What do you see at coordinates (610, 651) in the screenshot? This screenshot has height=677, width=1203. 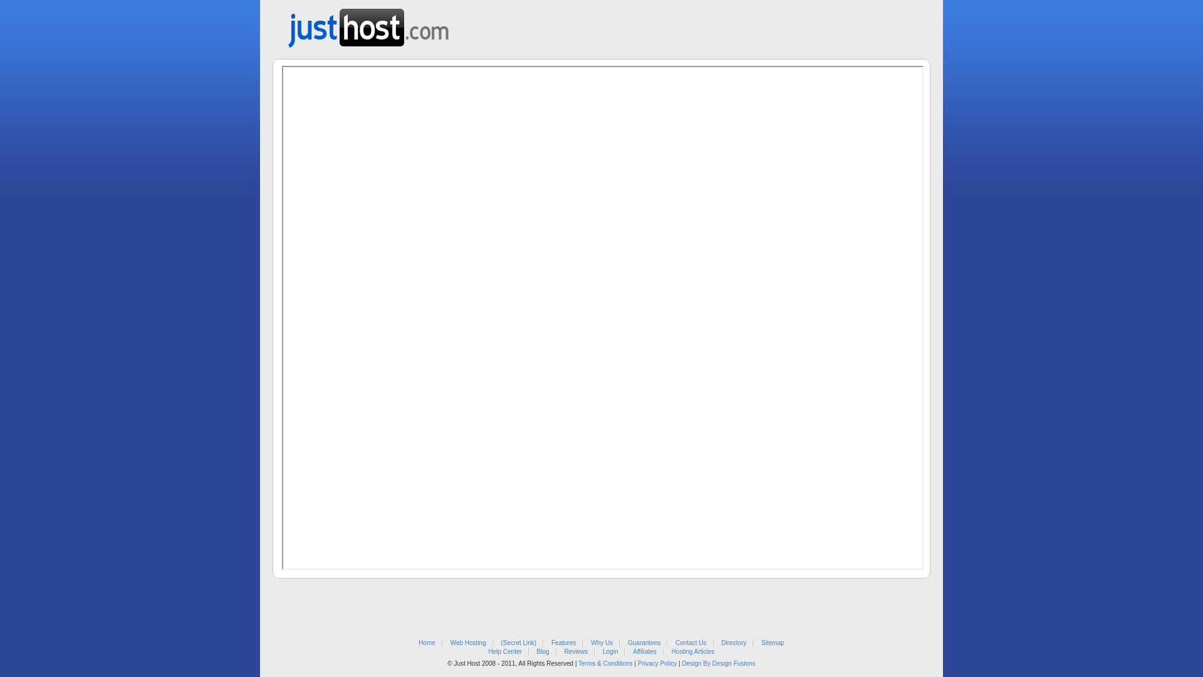 I see `'Login'` at bounding box center [610, 651].